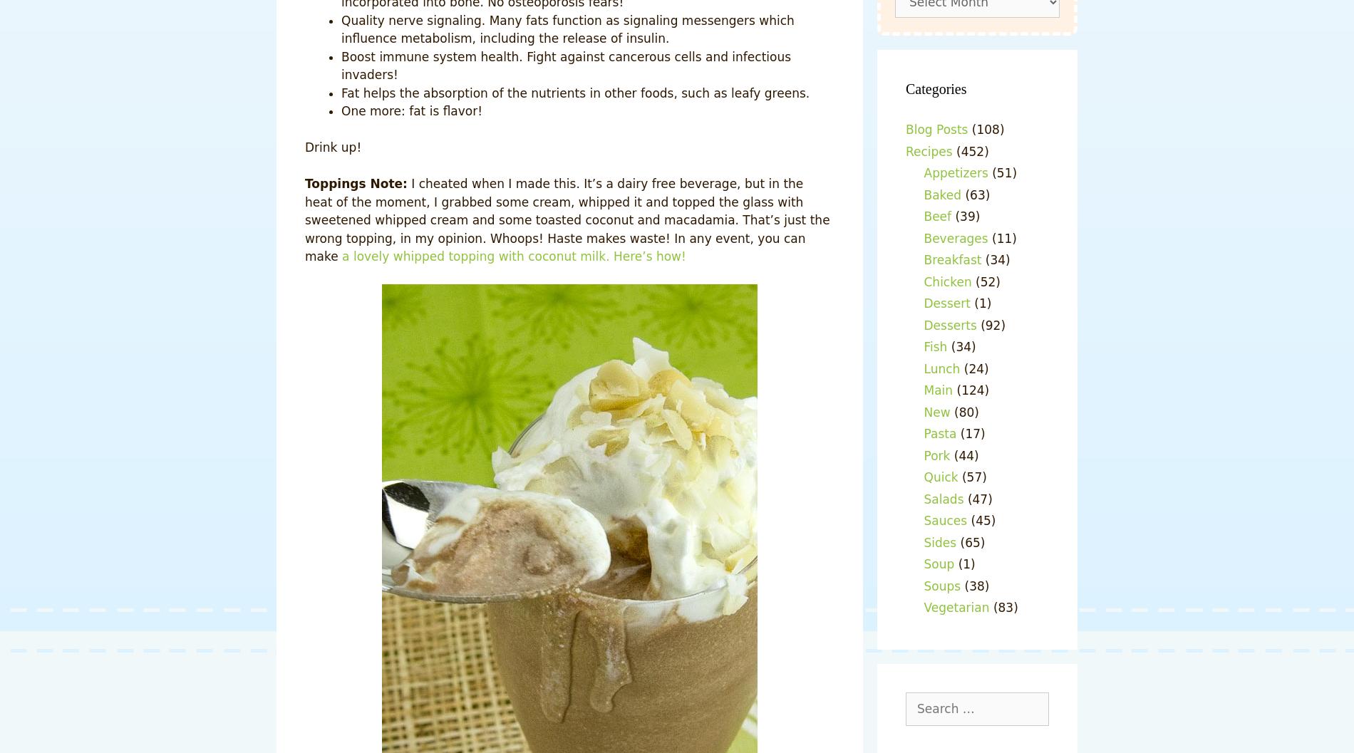 The image size is (1354, 753). Describe the element at coordinates (969, 542) in the screenshot. I see `'(65)'` at that location.